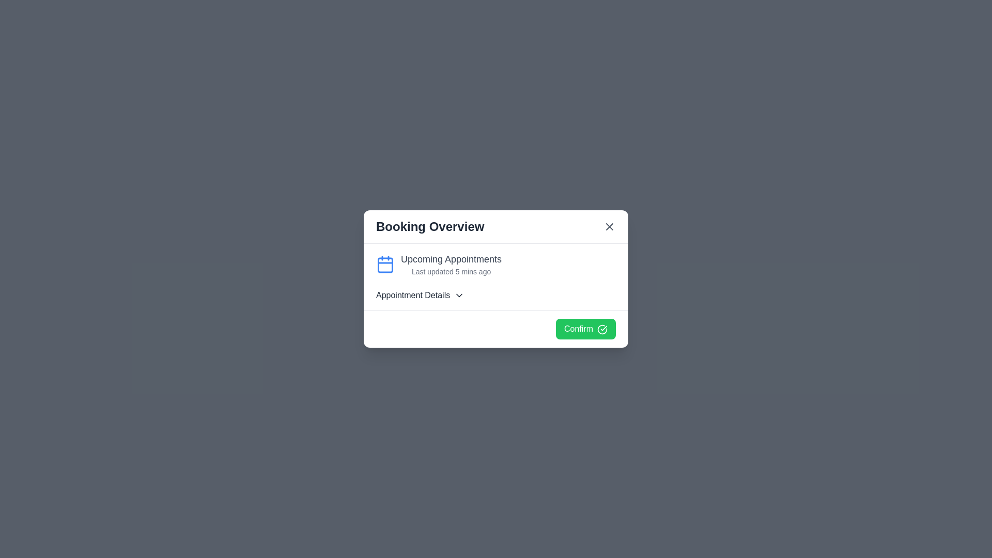  What do you see at coordinates (610, 226) in the screenshot?
I see `the close button located in the top right corner of the 'Booking Overview' modal window` at bounding box center [610, 226].